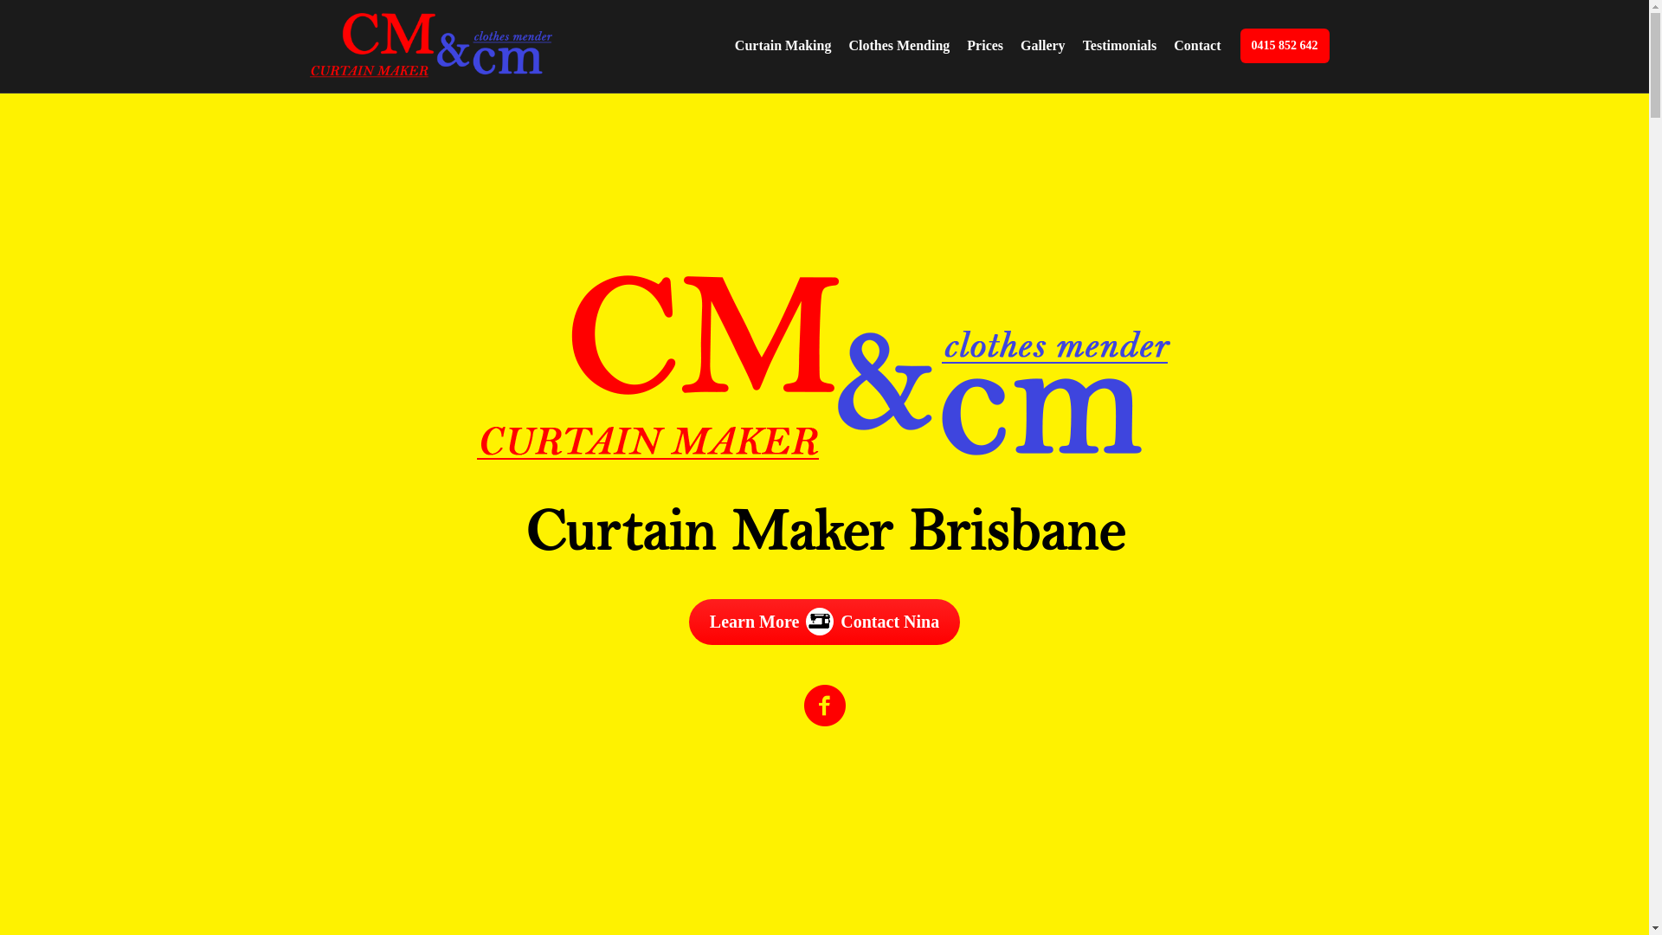 This screenshot has height=935, width=1662. I want to click on 'Curtain Making', so click(783, 45).